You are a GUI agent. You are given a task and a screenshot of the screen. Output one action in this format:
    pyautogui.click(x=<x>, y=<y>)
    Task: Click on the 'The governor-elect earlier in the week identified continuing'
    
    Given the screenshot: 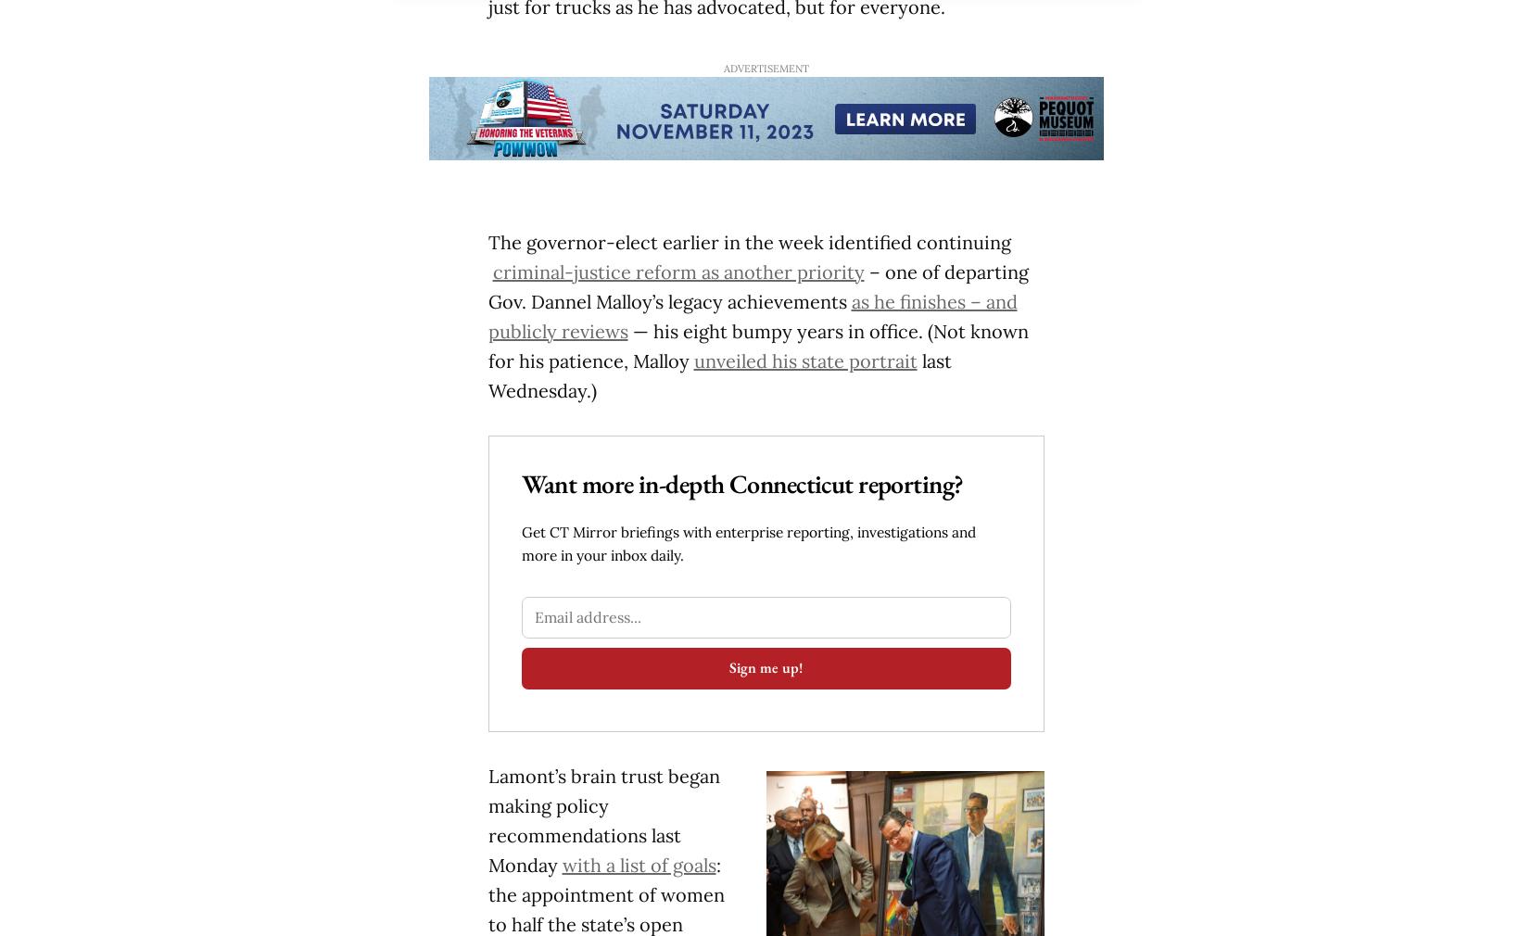 What is the action you would take?
    pyautogui.click(x=747, y=257)
    